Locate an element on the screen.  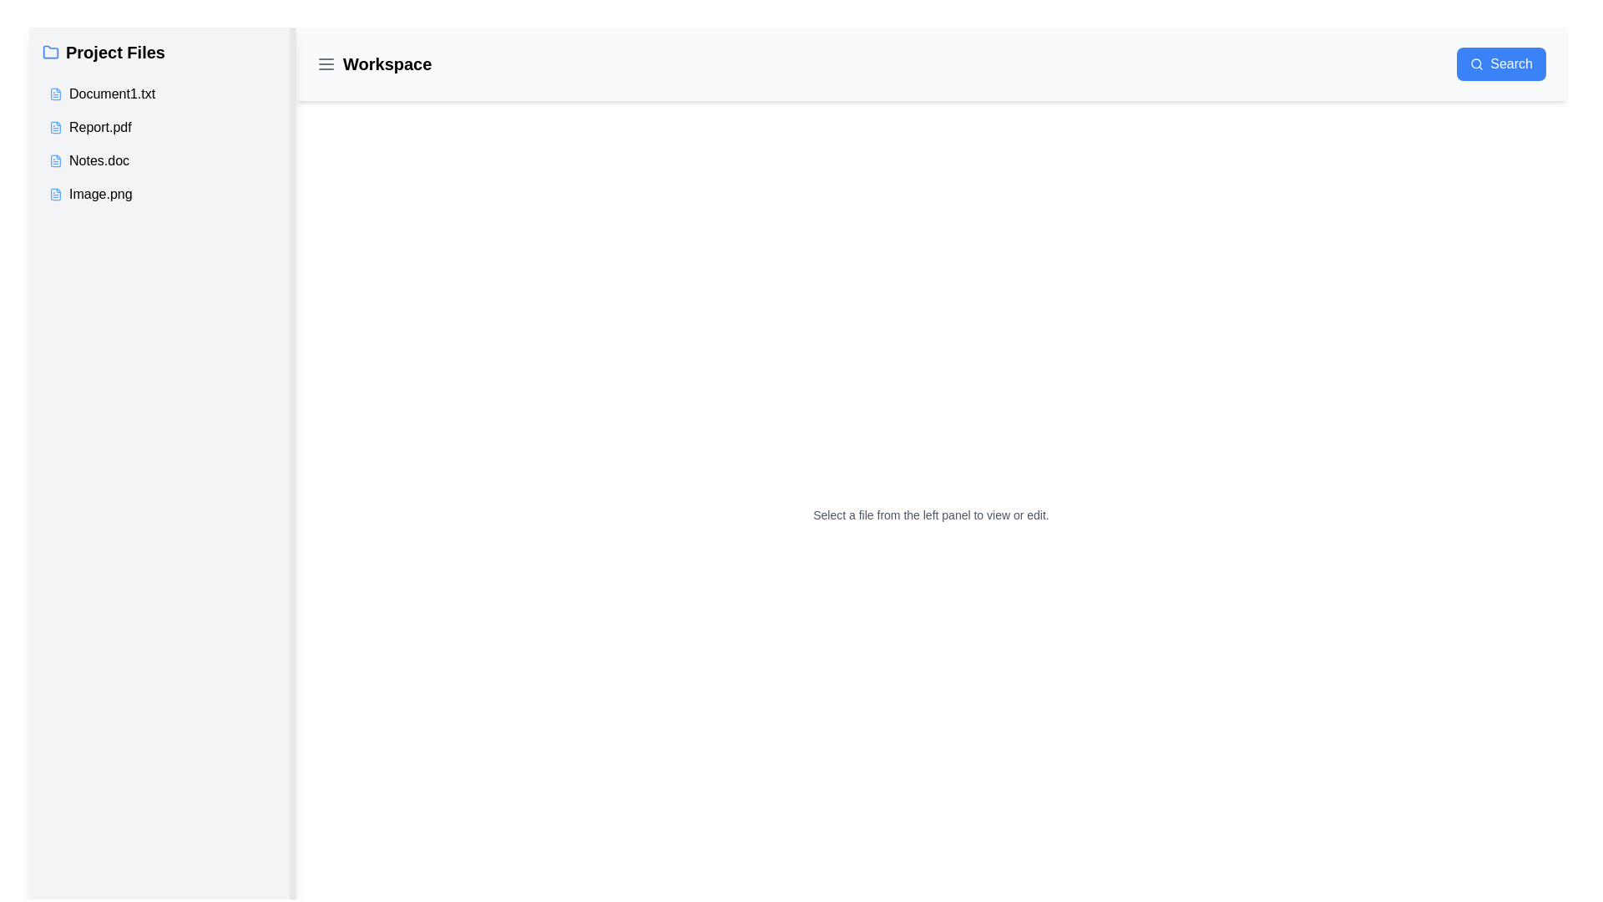
the graphical icon representing 'Notes.doc' is located at coordinates (56, 160).